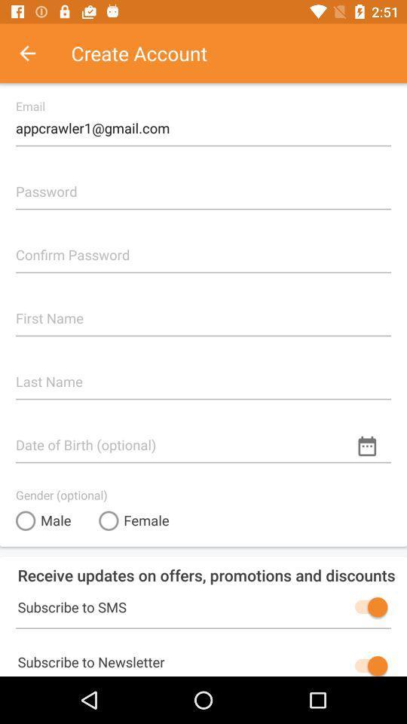 The width and height of the screenshot is (407, 724). Describe the element at coordinates (133, 520) in the screenshot. I see `the icon next to male icon` at that location.